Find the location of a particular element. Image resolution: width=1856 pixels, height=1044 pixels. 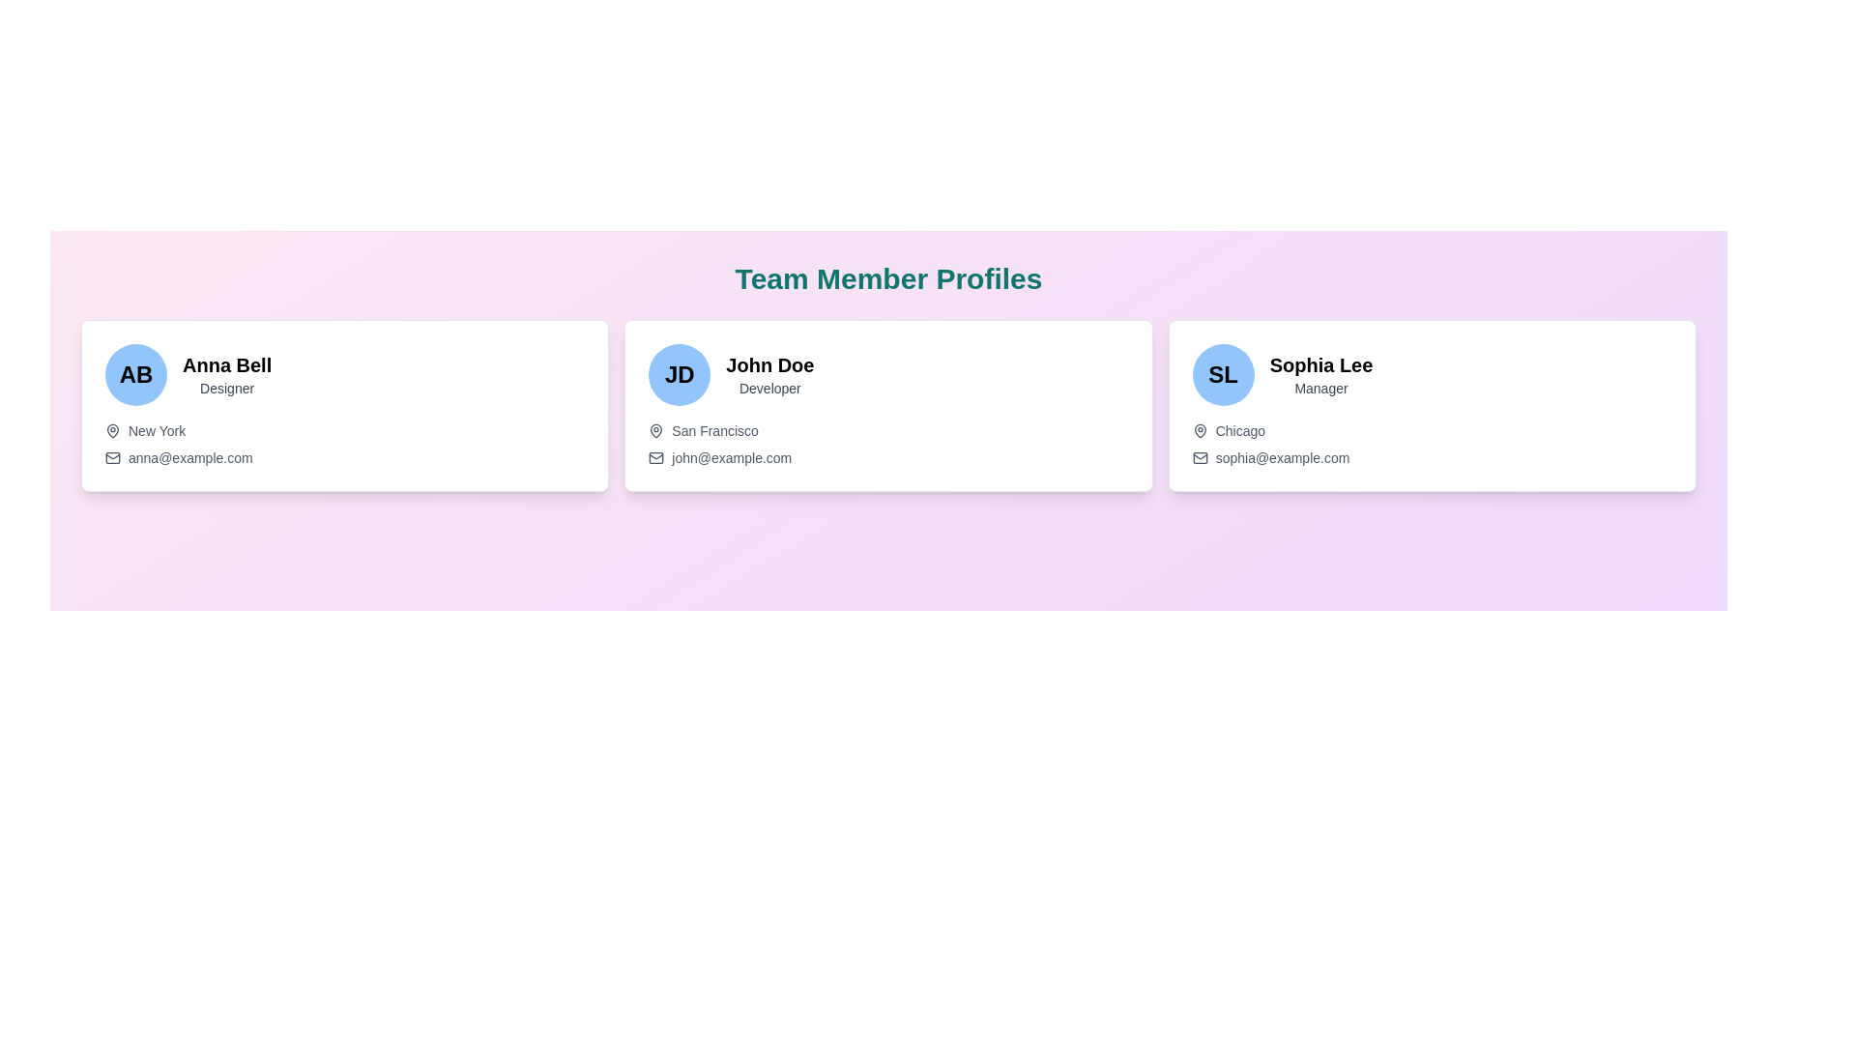

the SVG map pin icon representing the geographical location next to 'San Francisco' in John Doe's profile card is located at coordinates (656, 430).